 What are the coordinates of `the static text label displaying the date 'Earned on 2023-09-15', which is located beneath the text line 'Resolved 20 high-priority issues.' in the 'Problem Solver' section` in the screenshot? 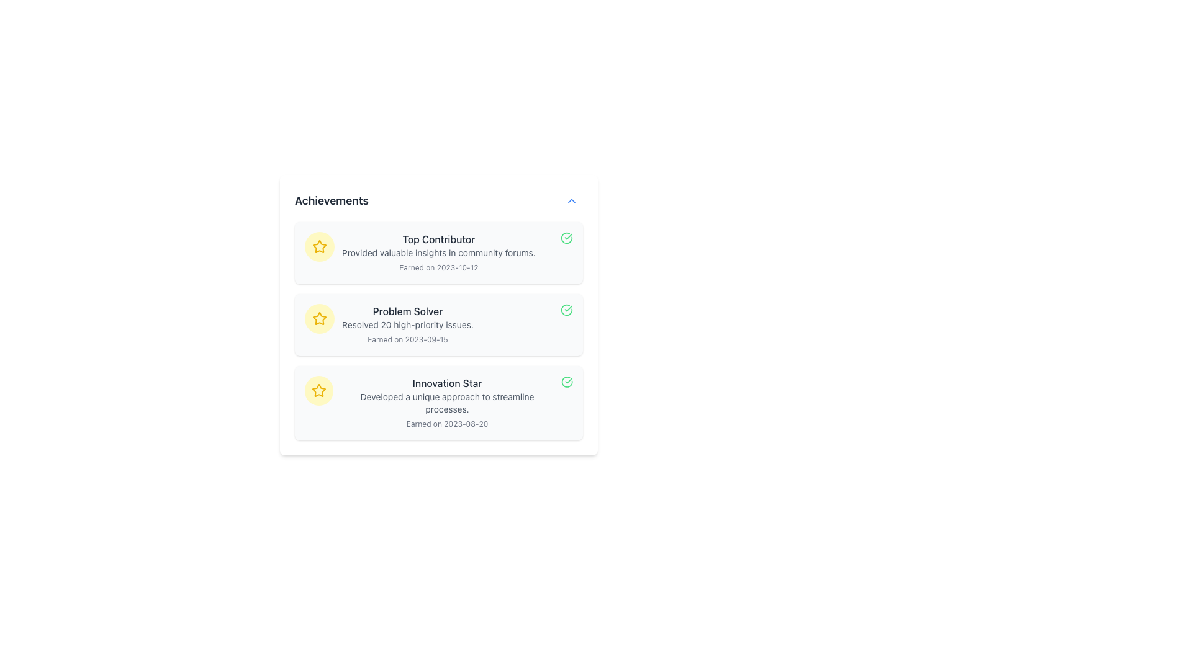 It's located at (408, 339).